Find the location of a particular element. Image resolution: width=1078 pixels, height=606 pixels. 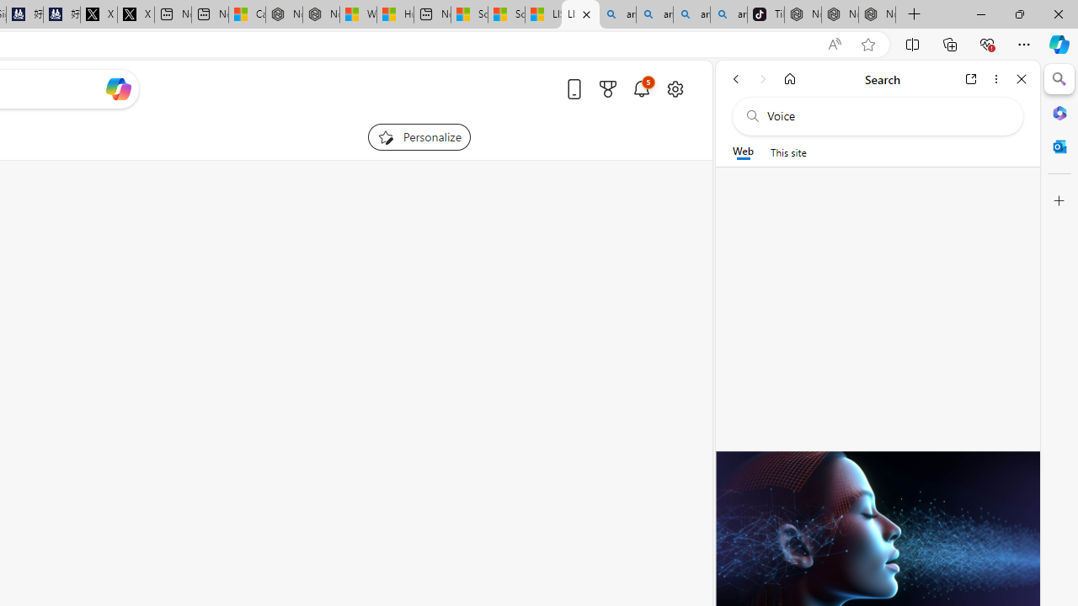

'This site scope' is located at coordinates (787, 151).